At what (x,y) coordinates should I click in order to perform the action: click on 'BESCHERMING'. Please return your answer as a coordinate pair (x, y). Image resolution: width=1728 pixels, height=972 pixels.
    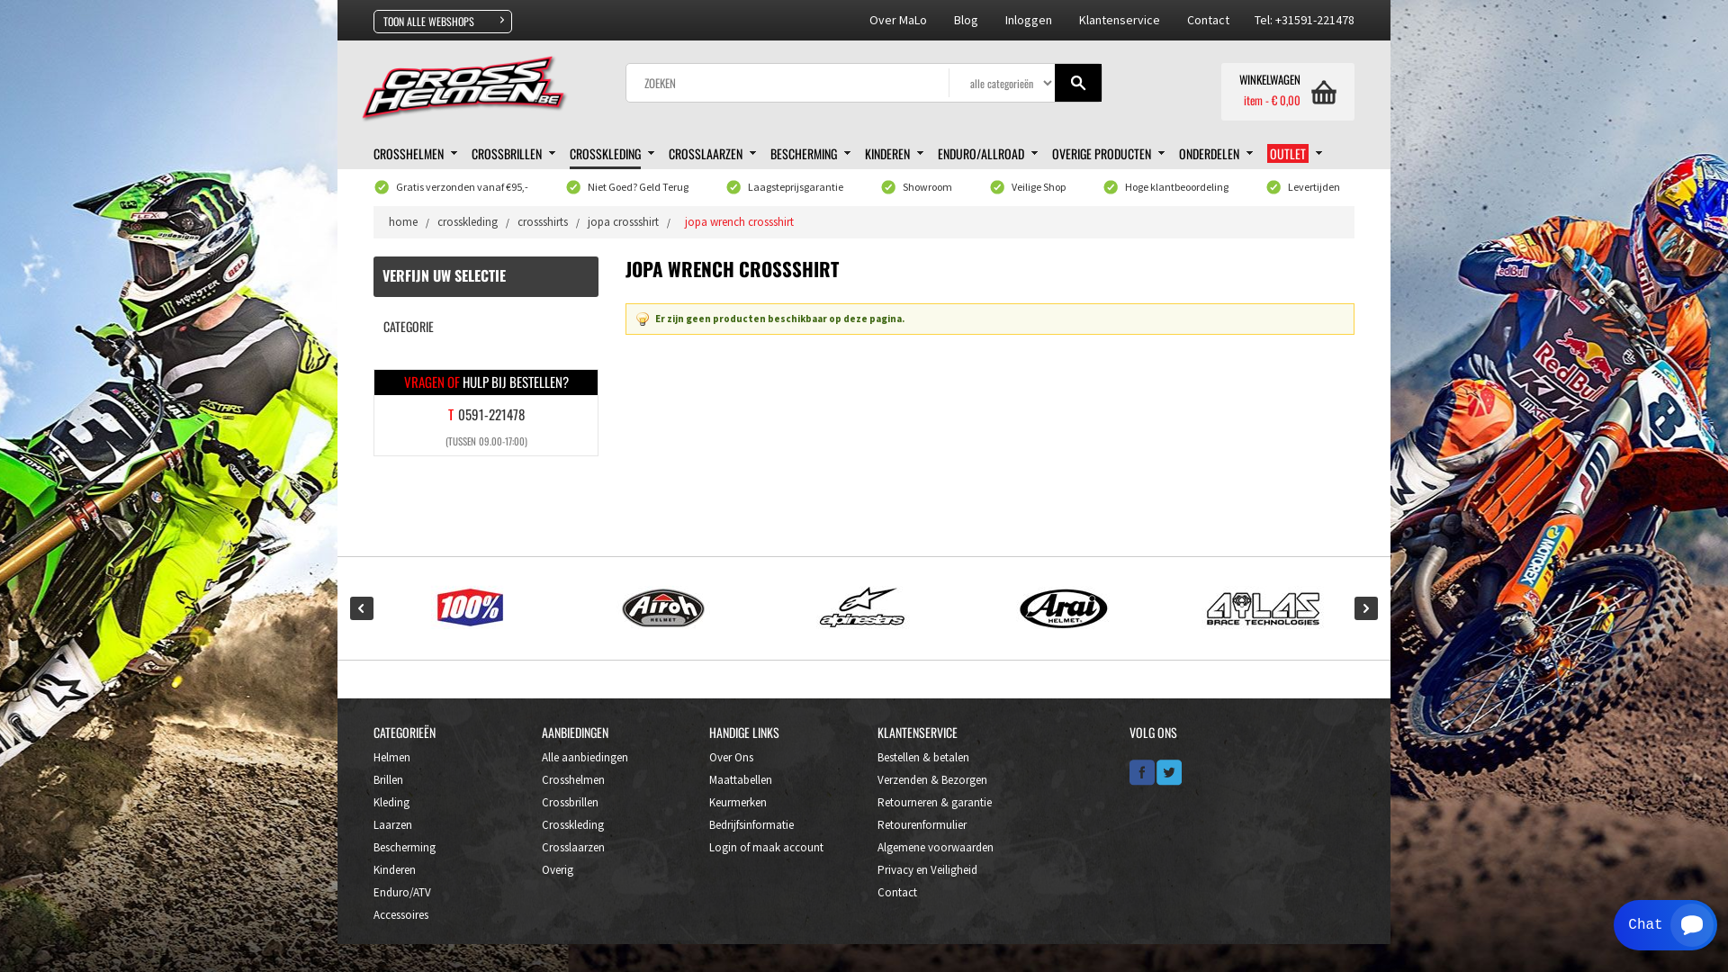
    Looking at the image, I should click on (809, 152).